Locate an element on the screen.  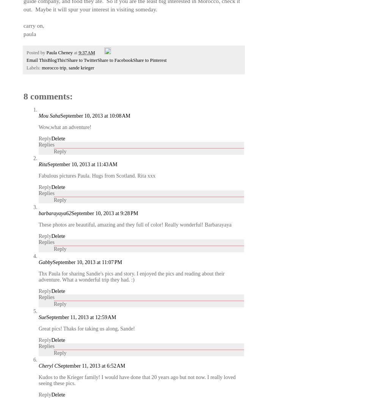
'Cheryl C' is located at coordinates (48, 366).